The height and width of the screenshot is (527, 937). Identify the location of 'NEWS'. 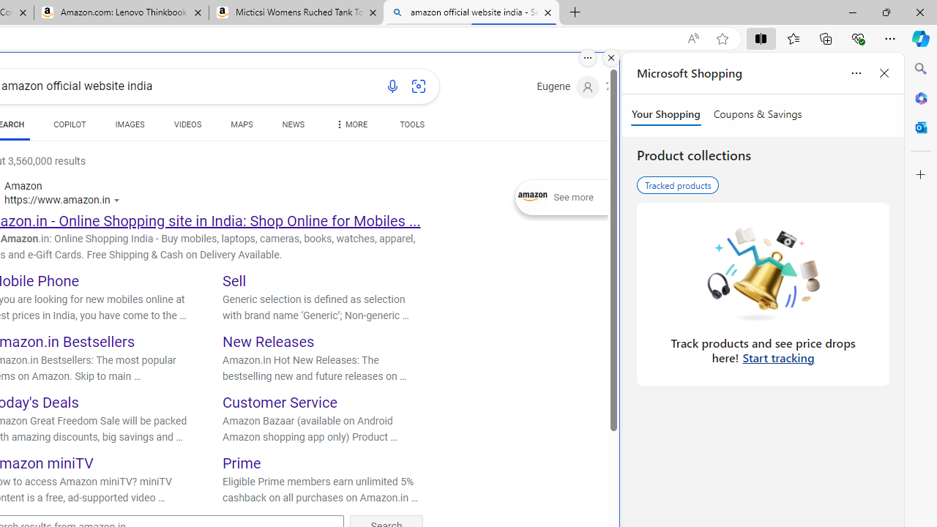
(293, 126).